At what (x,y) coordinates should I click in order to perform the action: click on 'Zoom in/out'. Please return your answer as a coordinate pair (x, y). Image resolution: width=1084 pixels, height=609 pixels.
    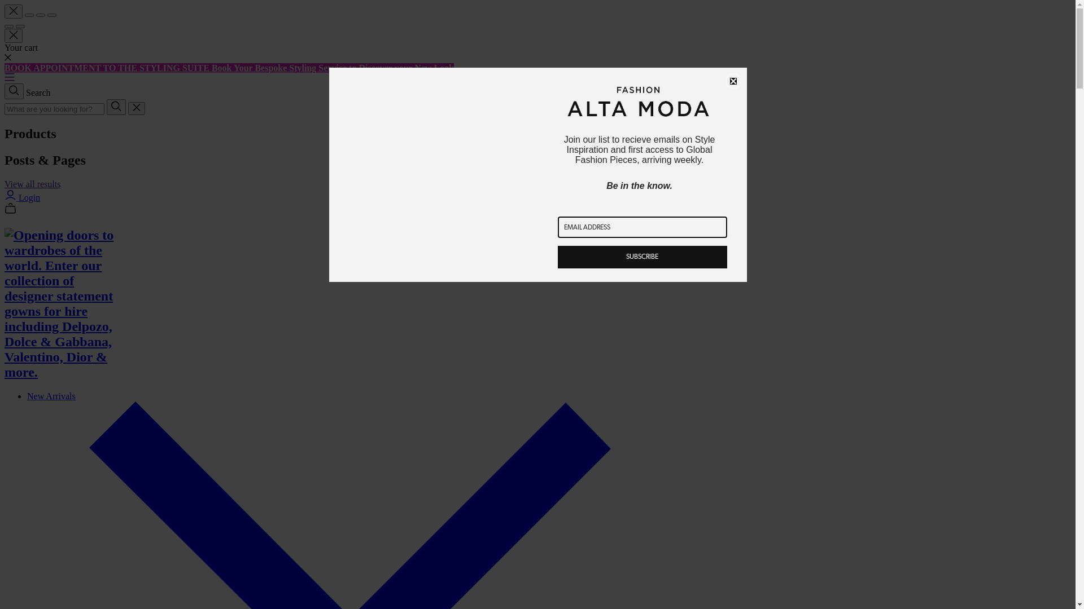
    Looking at the image, I should click on (51, 15).